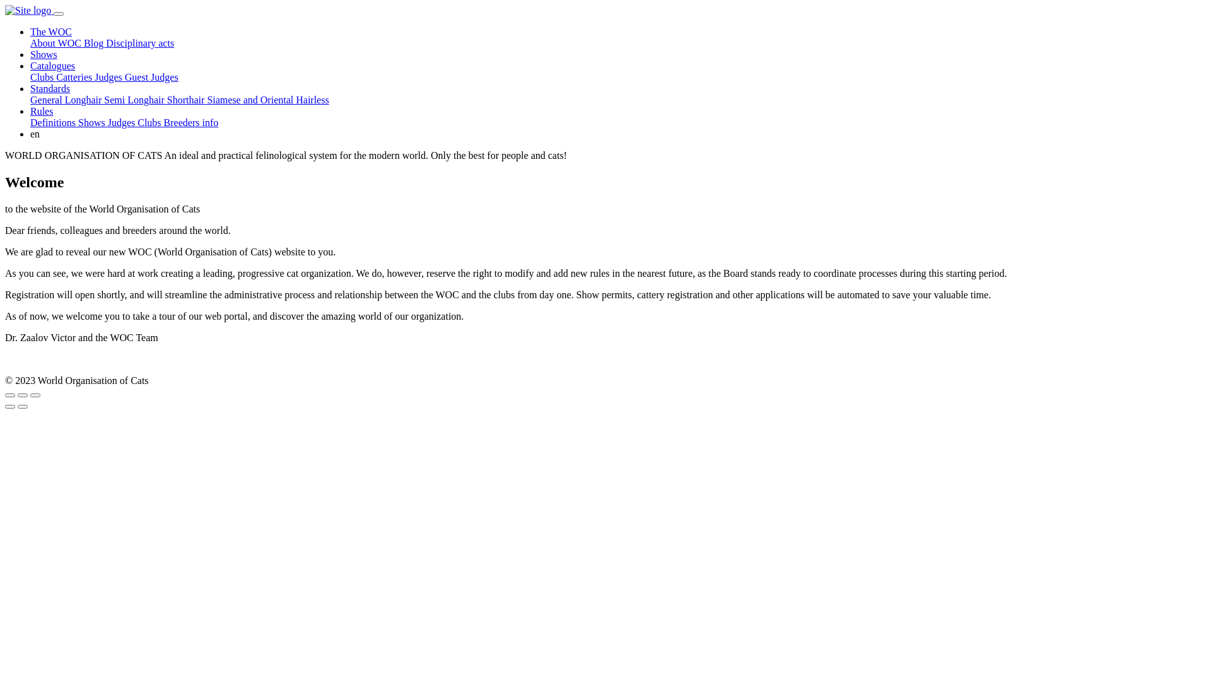 The height and width of the screenshot is (681, 1211). Describe the element at coordinates (206, 99) in the screenshot. I see `'Siamese and Oriental'` at that location.